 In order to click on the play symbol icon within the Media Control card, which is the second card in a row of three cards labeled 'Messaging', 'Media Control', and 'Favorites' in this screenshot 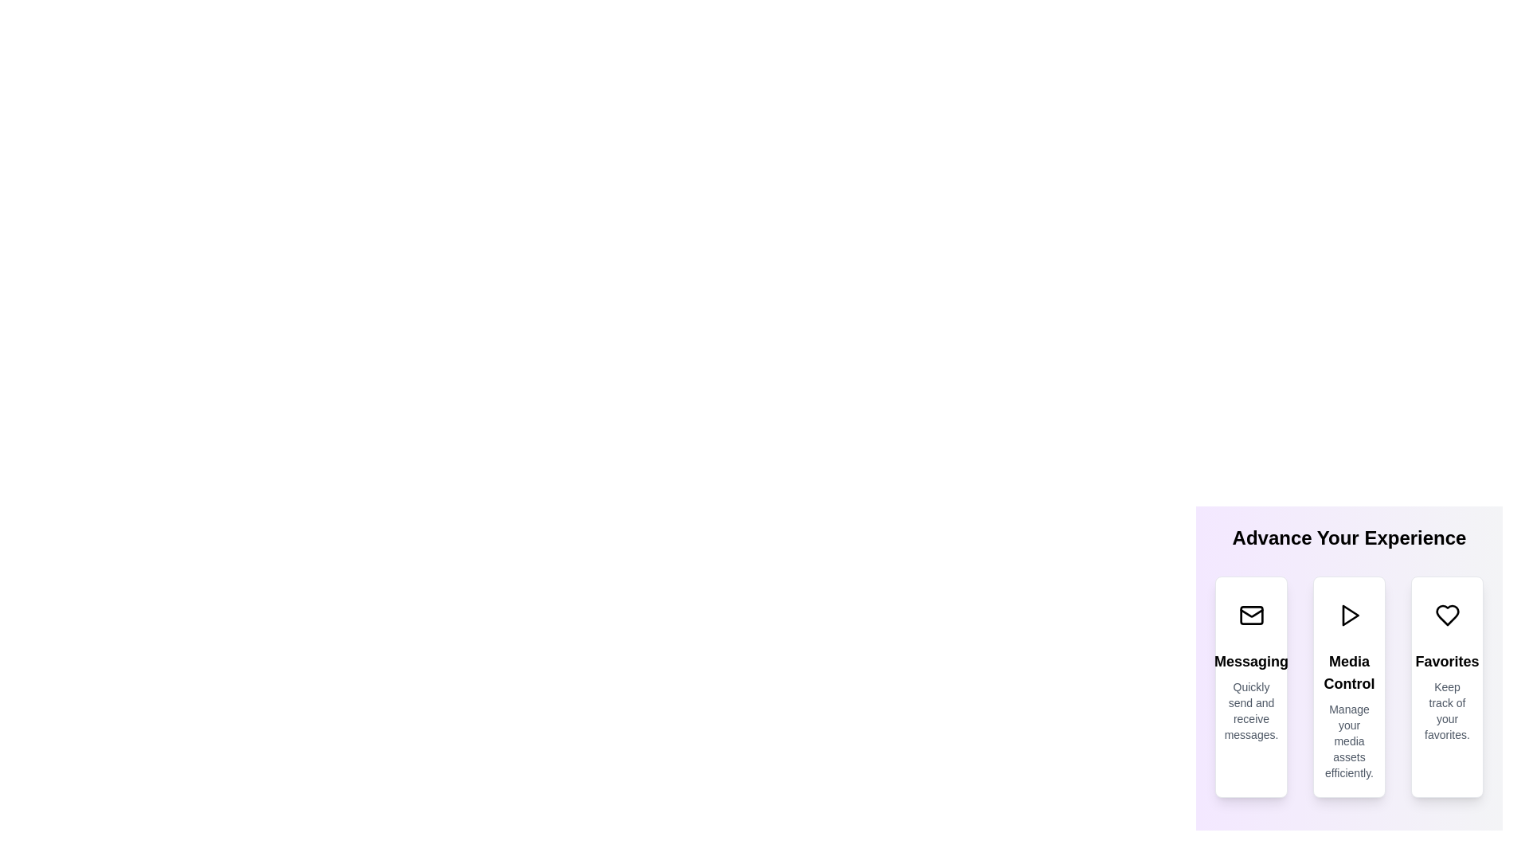, I will do `click(1349, 614)`.